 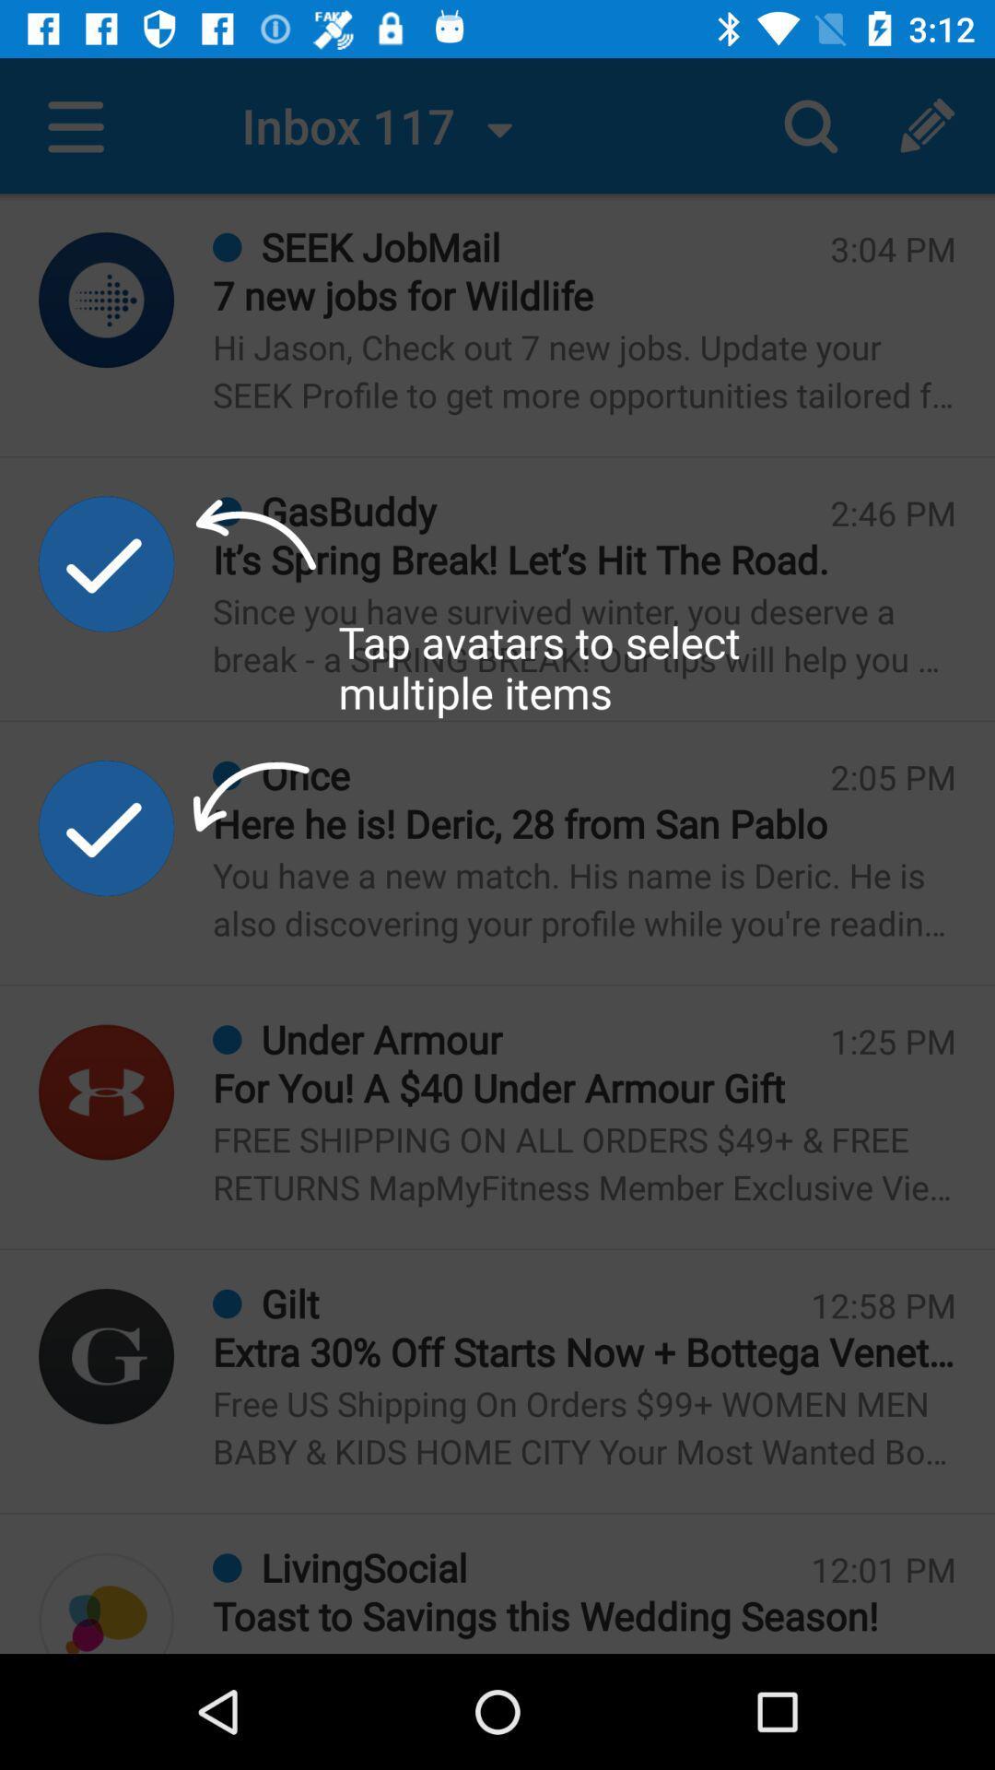 I want to click on find account info, so click(x=106, y=1092).